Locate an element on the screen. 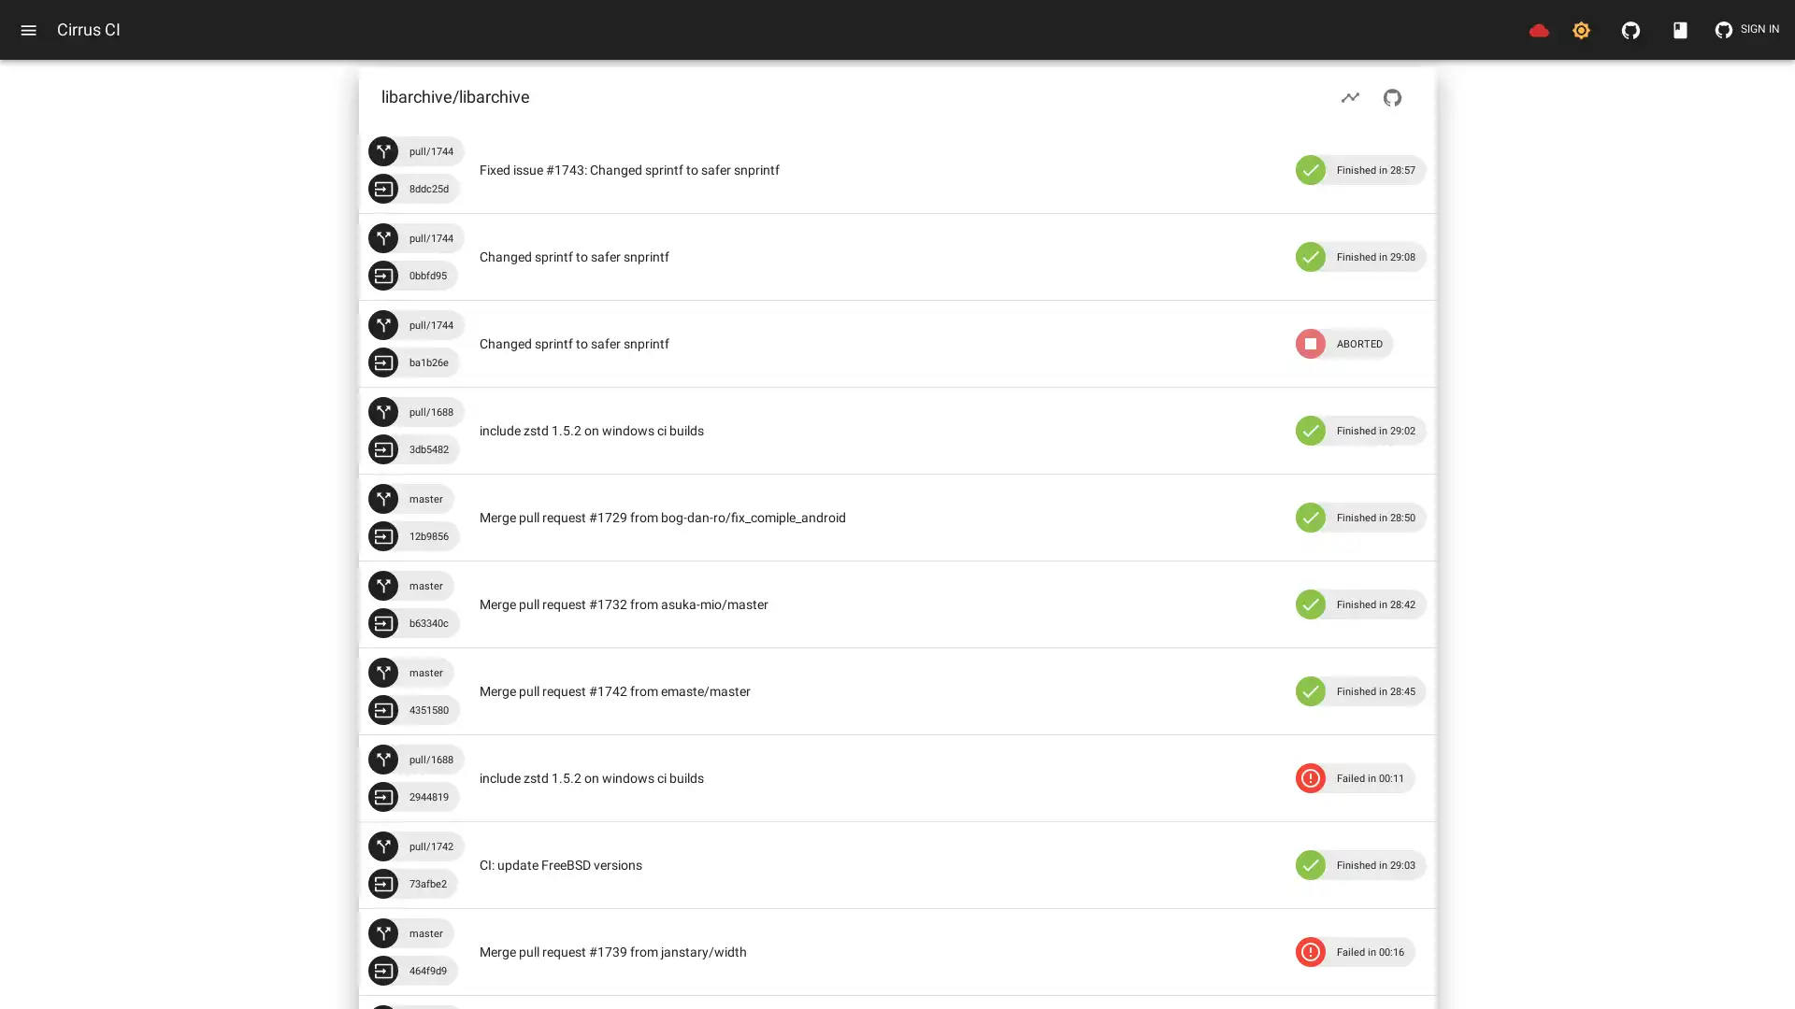 The width and height of the screenshot is (1795, 1009). 3db5482 is located at coordinates (412, 449).